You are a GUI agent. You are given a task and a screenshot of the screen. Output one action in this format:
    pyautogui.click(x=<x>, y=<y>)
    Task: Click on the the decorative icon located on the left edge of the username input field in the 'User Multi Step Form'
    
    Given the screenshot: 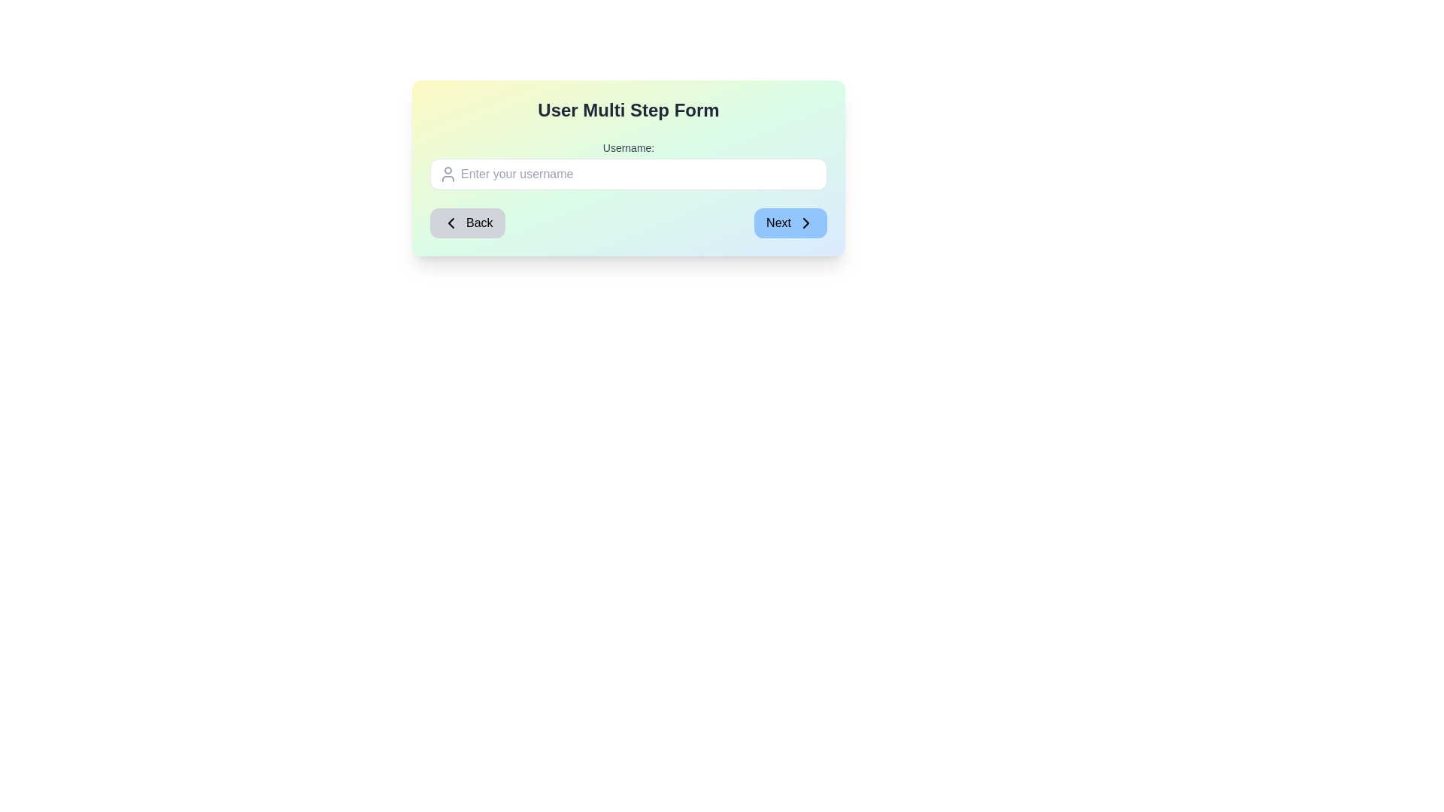 What is the action you would take?
    pyautogui.click(x=447, y=173)
    